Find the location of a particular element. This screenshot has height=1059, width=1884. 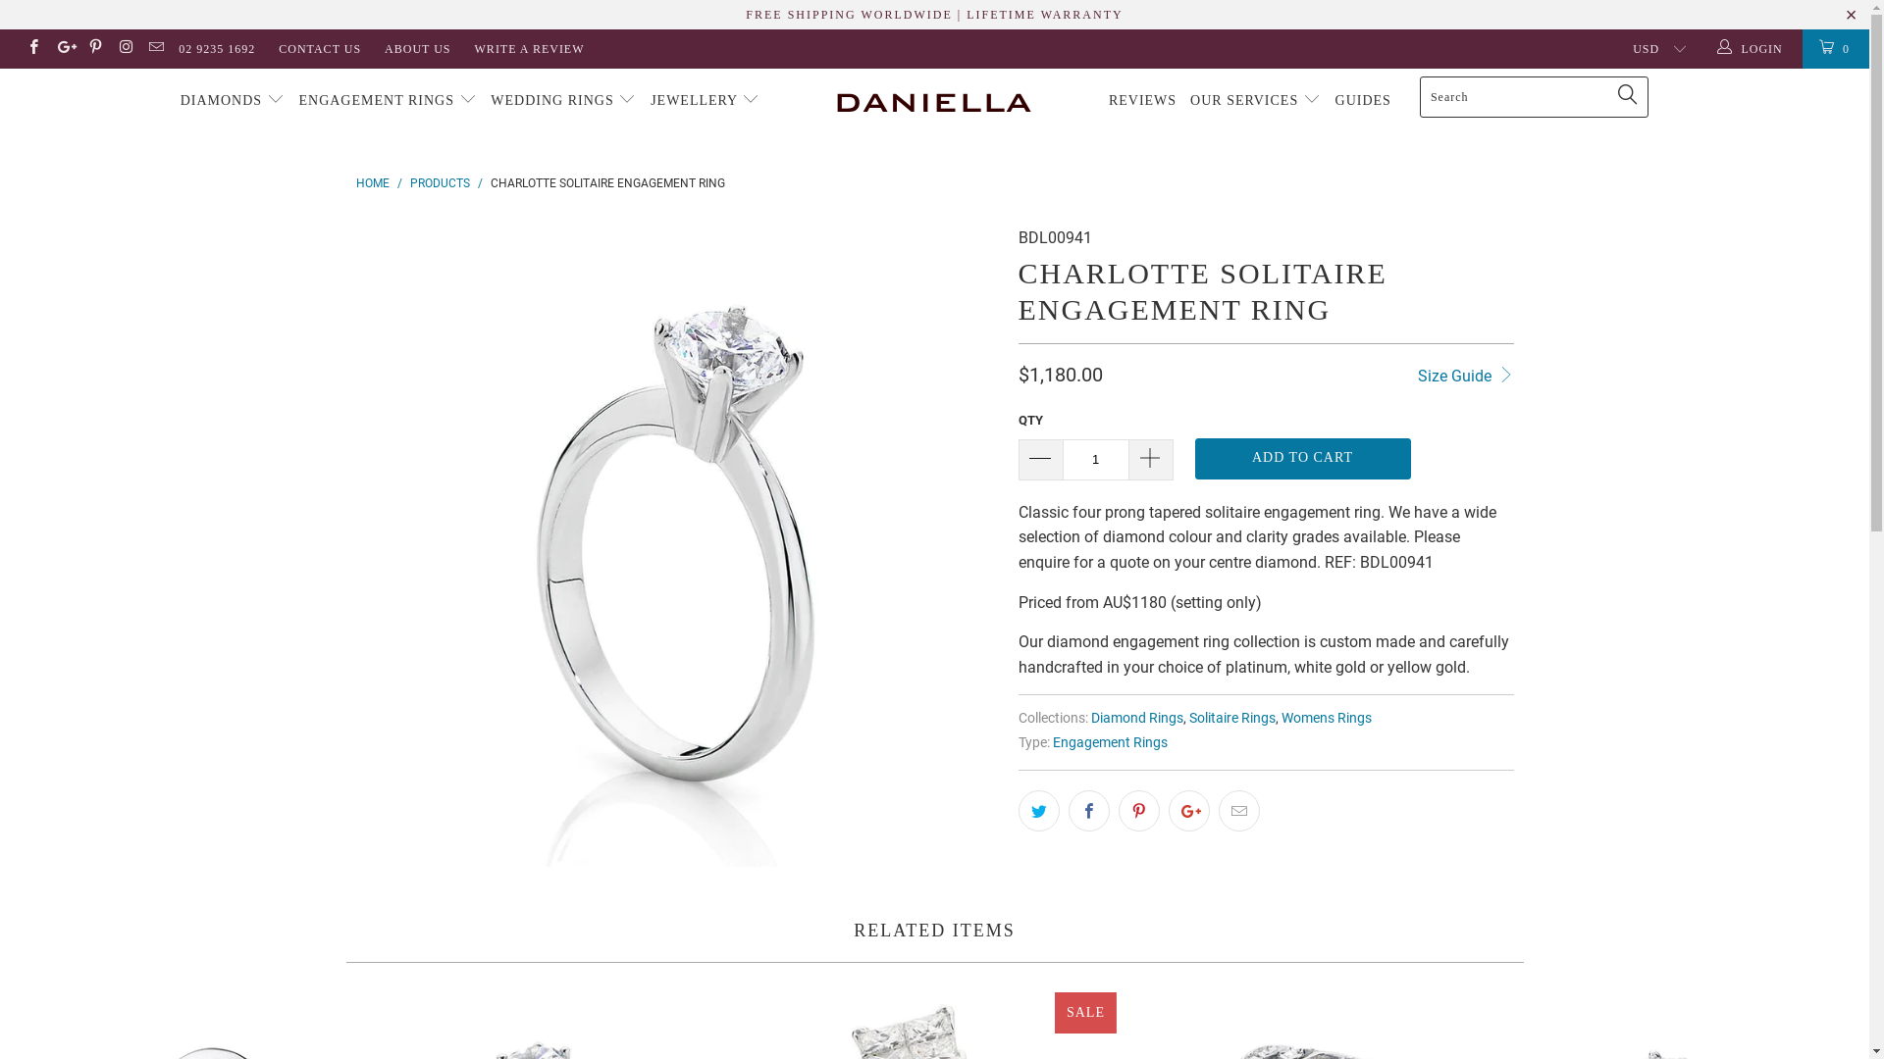

'DIAMONDS' is located at coordinates (233, 101).